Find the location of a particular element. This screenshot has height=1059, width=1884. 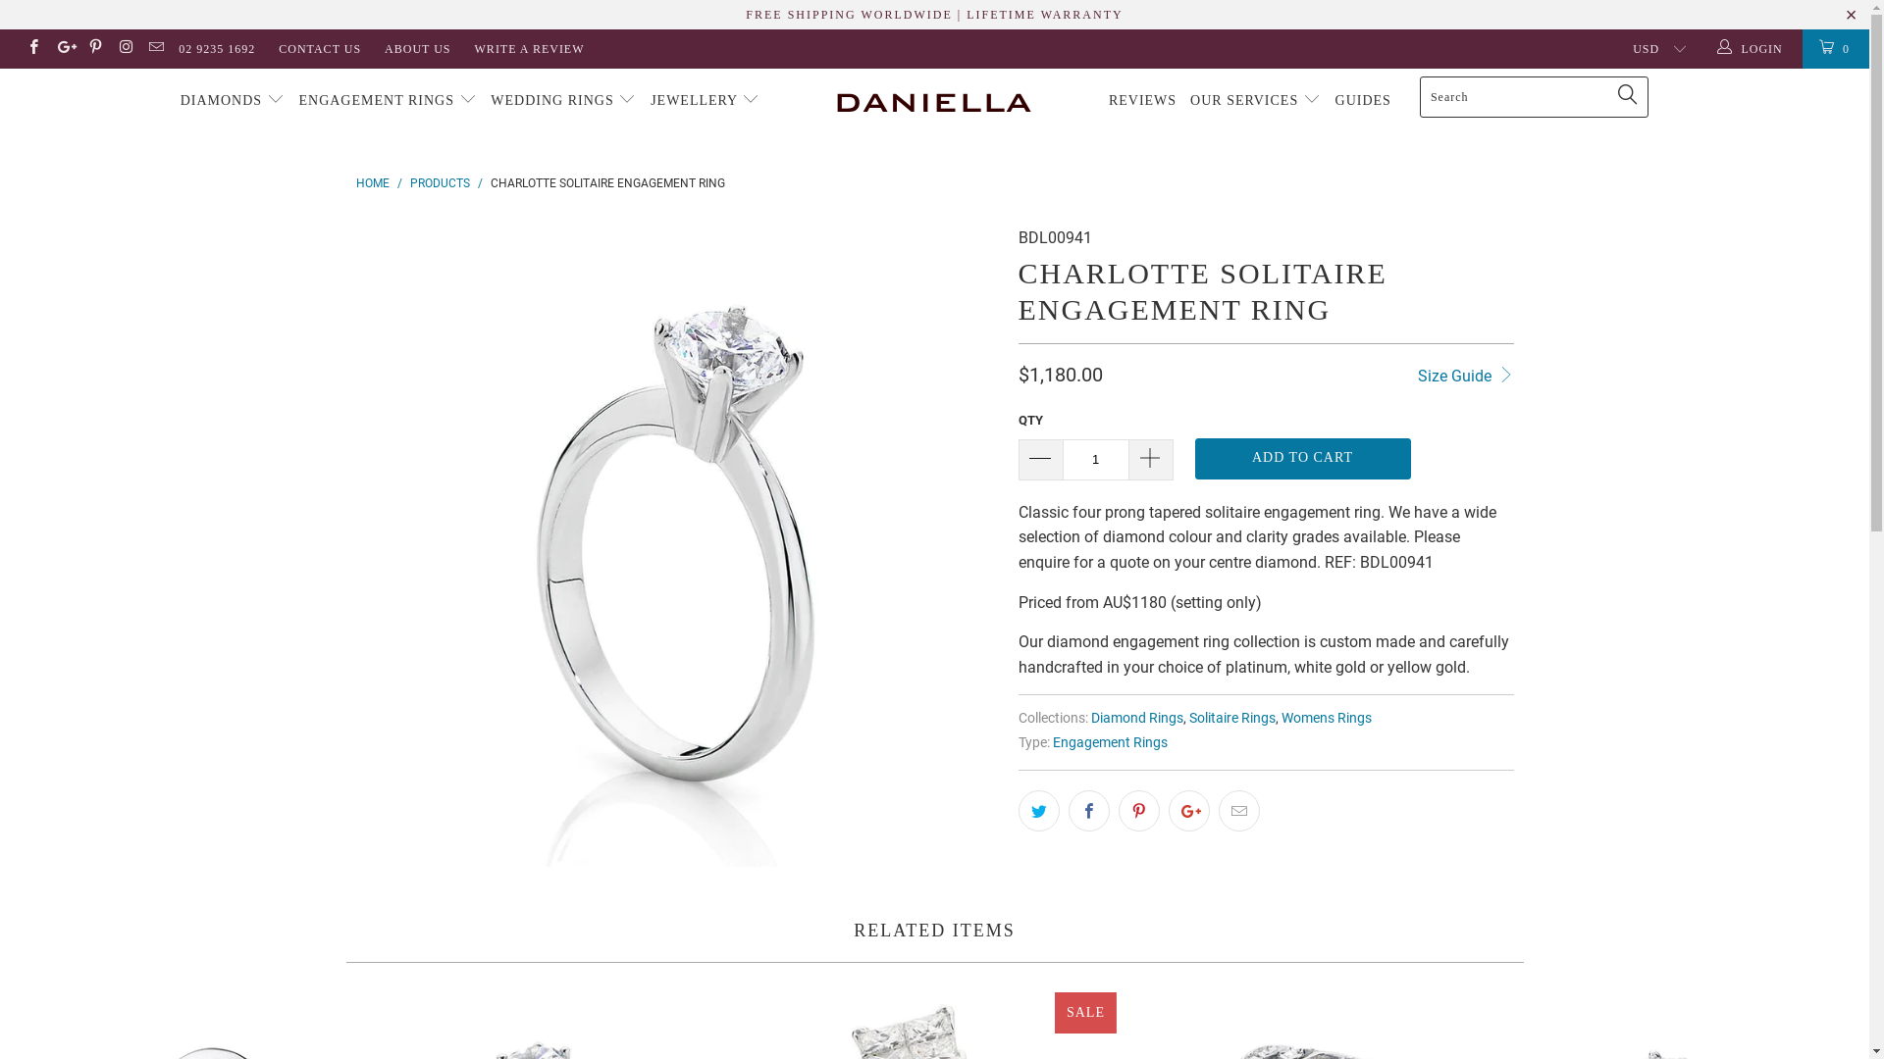

'DIAMONDS' is located at coordinates (233, 101).